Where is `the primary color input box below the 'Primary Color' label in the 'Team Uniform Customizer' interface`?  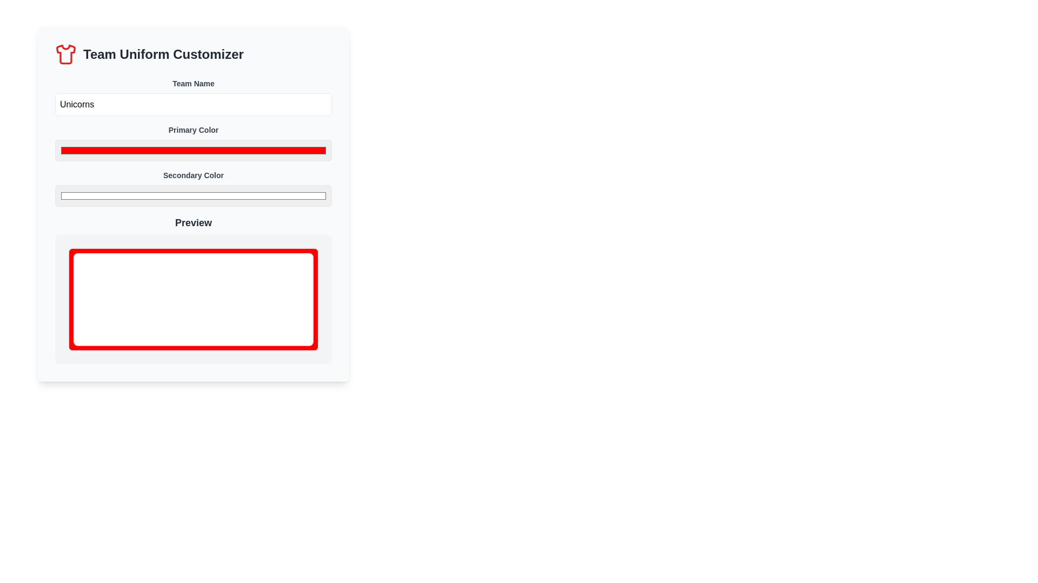 the primary color input box below the 'Primary Color' label in the 'Team Uniform Customizer' interface is located at coordinates (194, 150).